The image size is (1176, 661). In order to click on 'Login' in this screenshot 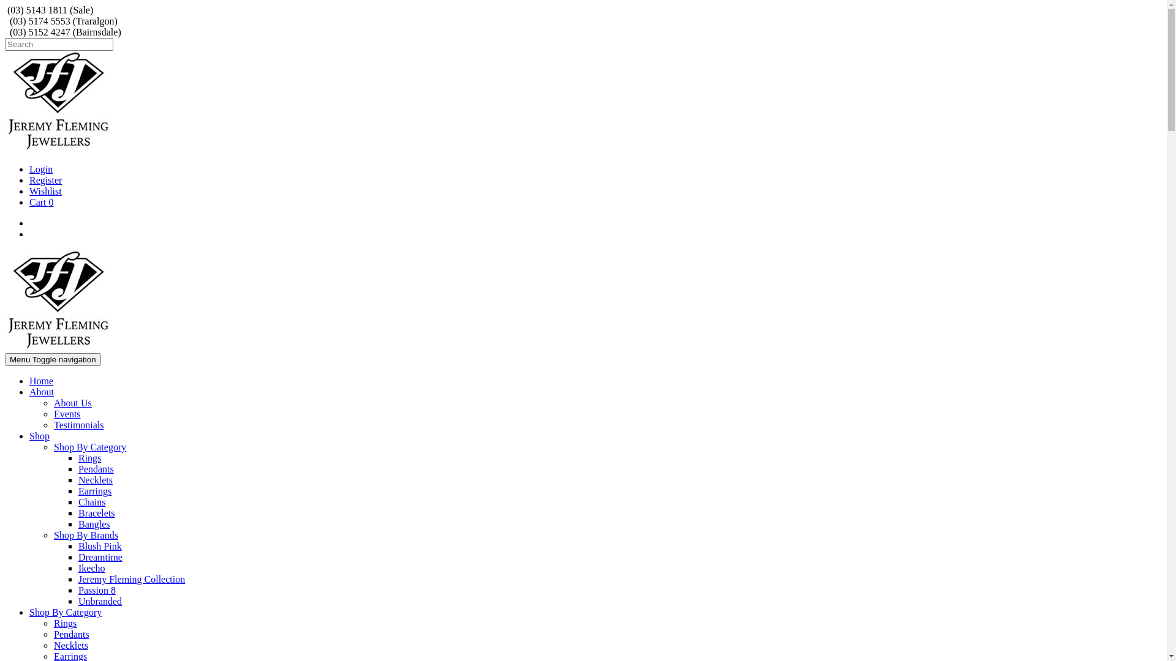, I will do `click(41, 169)`.